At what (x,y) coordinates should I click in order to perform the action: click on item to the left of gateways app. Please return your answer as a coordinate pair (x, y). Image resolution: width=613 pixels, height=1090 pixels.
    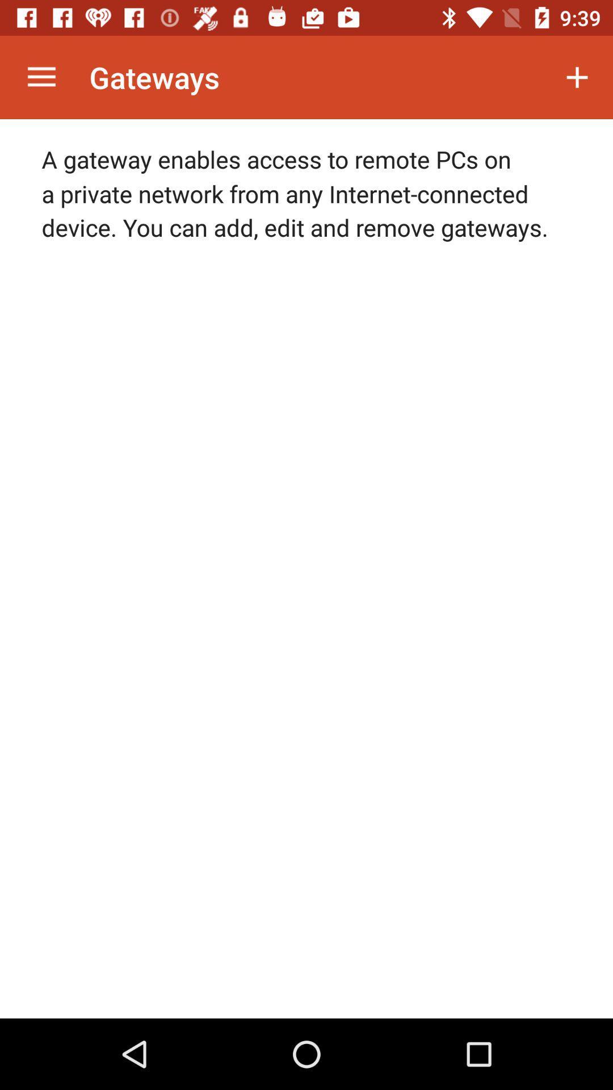
    Looking at the image, I should click on (41, 77).